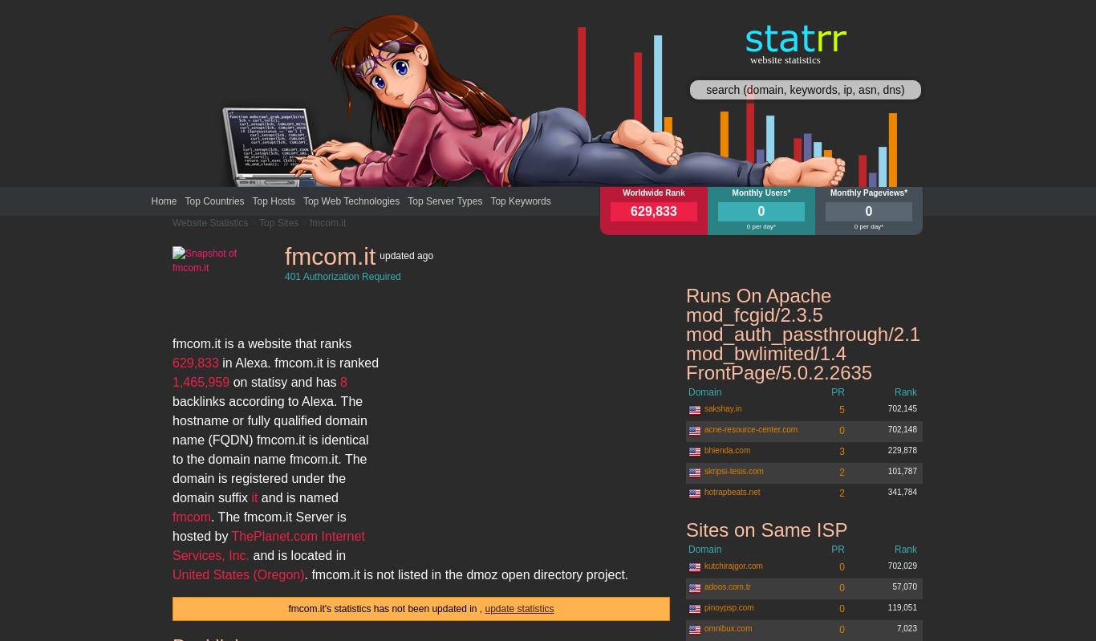  What do you see at coordinates (766, 529) in the screenshot?
I see `'Sites on Same ISP'` at bounding box center [766, 529].